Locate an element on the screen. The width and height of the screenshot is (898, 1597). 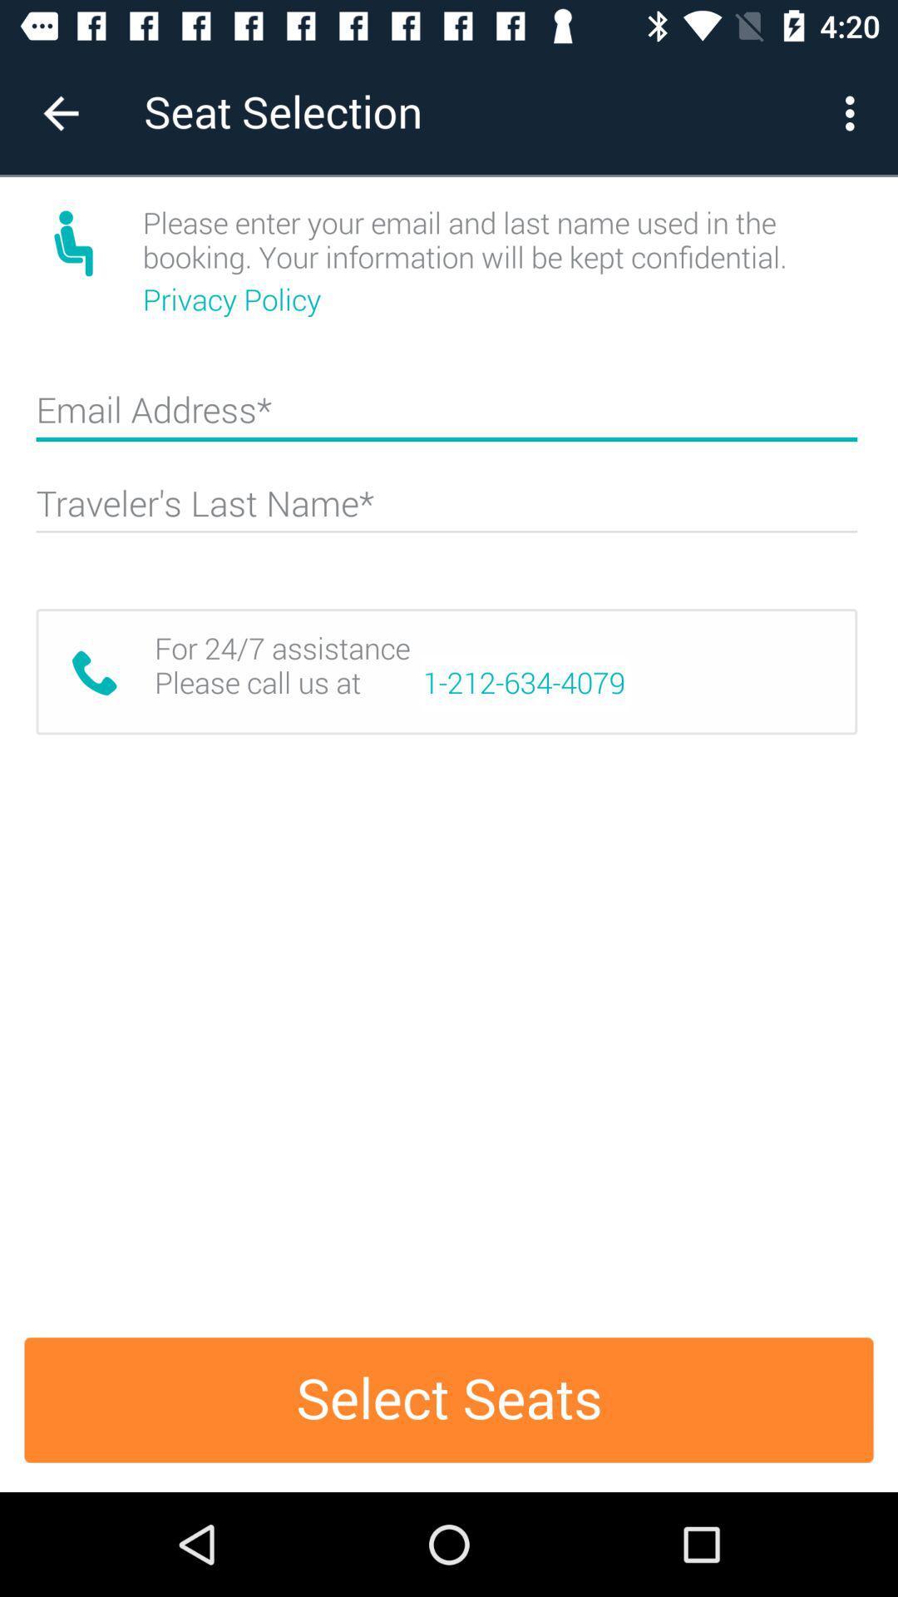
the select seats item is located at coordinates (449, 1399).